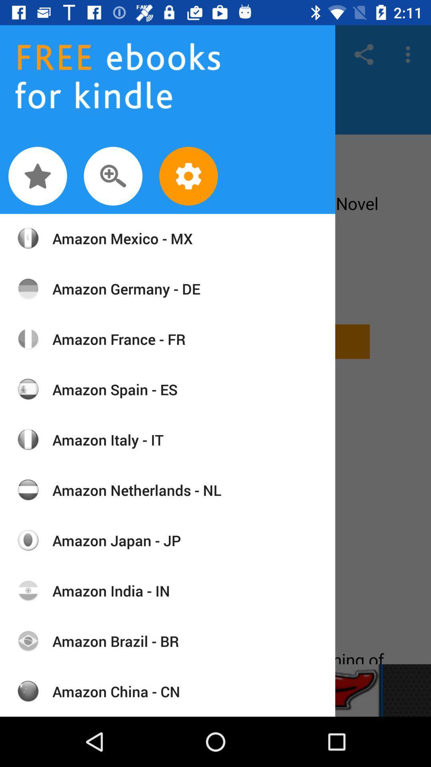 The height and width of the screenshot is (767, 431). I want to click on the more icon, so click(410, 54).